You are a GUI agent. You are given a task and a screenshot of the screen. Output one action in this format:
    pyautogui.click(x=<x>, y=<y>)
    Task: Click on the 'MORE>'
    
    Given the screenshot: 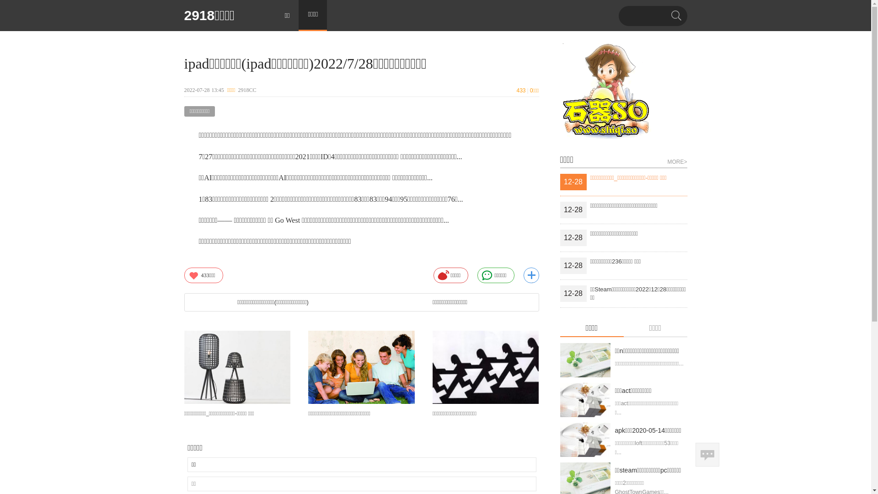 What is the action you would take?
    pyautogui.click(x=677, y=160)
    